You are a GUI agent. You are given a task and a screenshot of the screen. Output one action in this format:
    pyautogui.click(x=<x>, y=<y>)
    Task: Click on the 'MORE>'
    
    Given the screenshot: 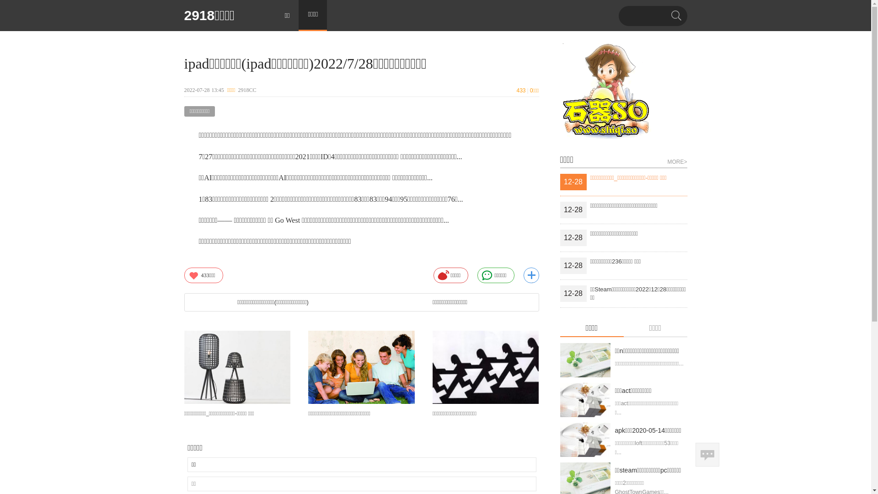 What is the action you would take?
    pyautogui.click(x=677, y=160)
    